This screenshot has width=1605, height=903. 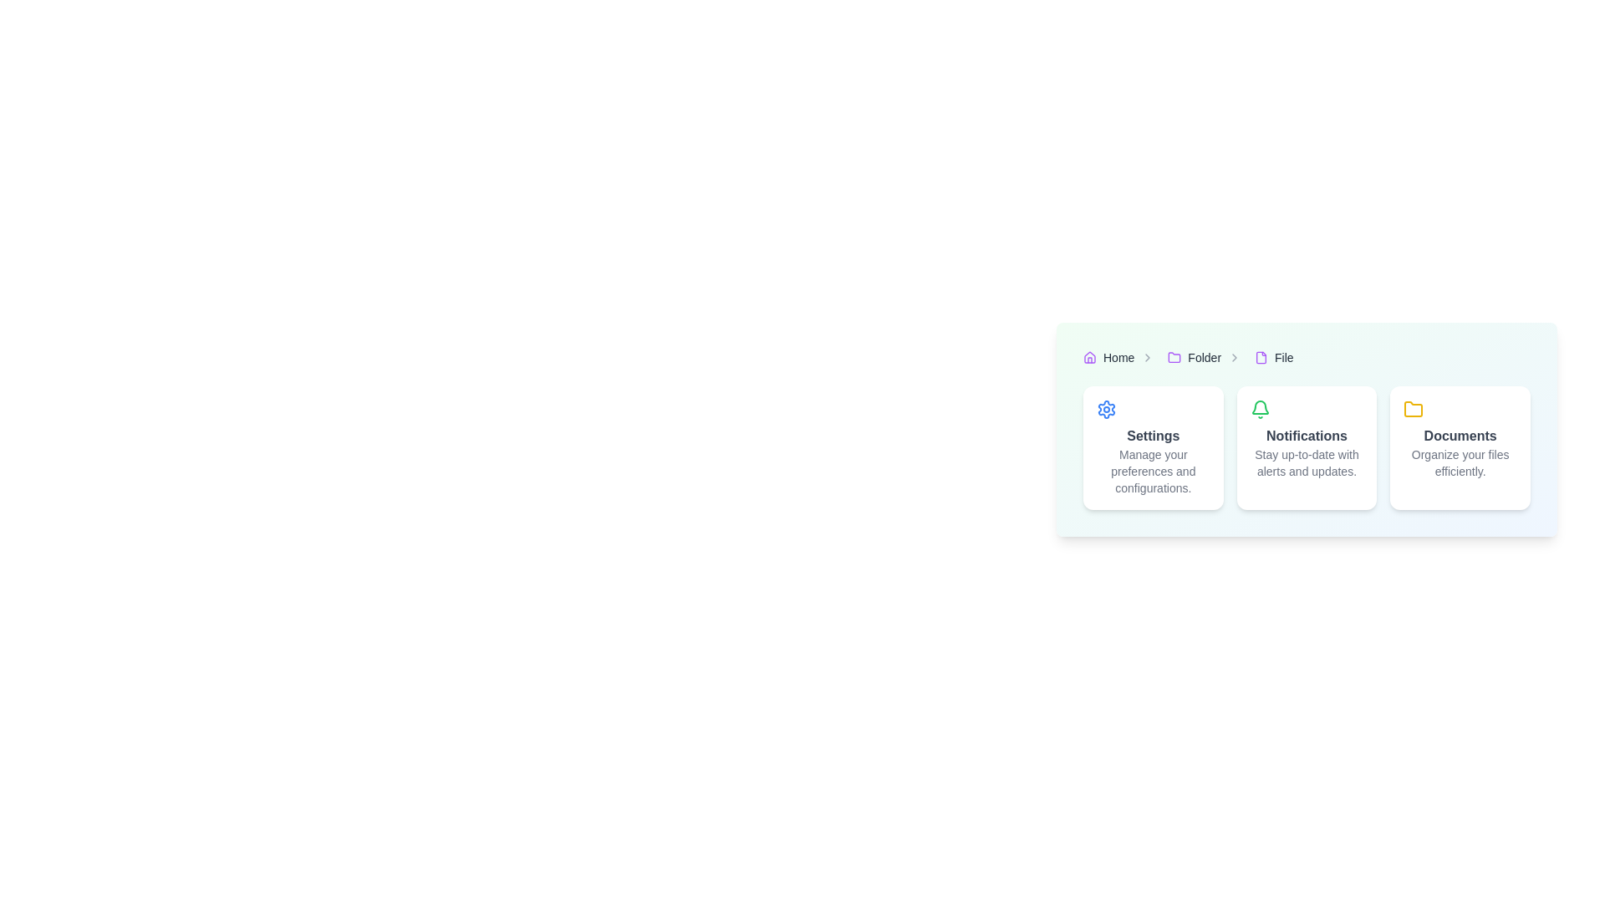 I want to click on the 'Home' icon in the breadcrumb navigation, so click(x=1090, y=357).